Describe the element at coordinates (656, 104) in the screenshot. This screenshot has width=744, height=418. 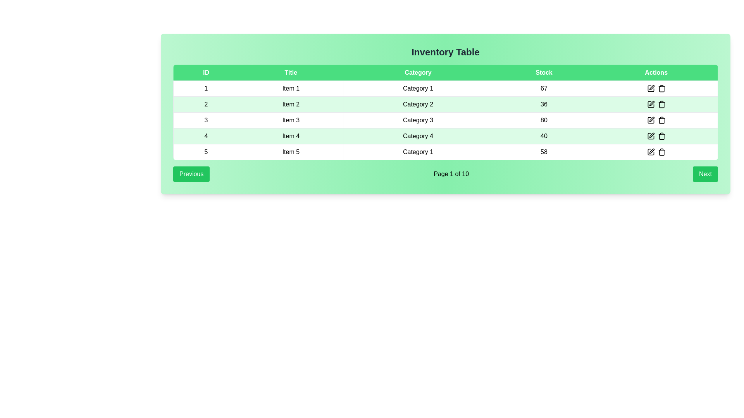
I see `the delete icon in the Action cell of the second row for 'Item 2' in the table, which contains interactive icons for editing and deleting row data` at that location.